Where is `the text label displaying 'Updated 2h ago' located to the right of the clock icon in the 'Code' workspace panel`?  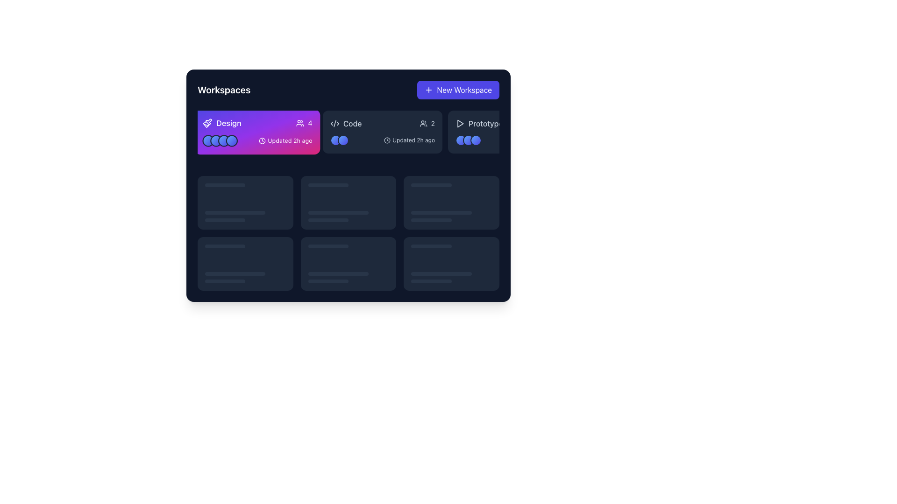
the text label displaying 'Updated 2h ago' located to the right of the clock icon in the 'Code' workspace panel is located at coordinates (413, 140).